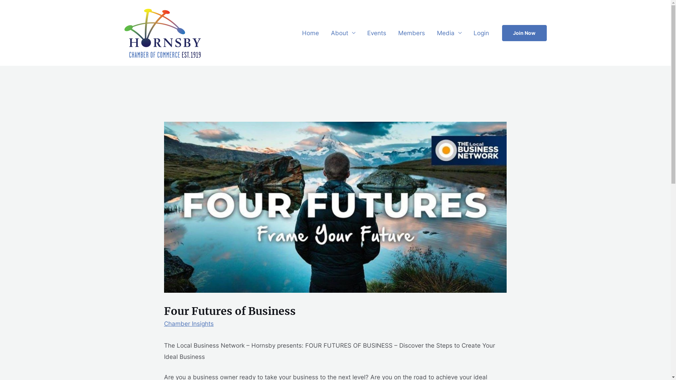 The image size is (676, 380). I want to click on 'Login', so click(468, 32).